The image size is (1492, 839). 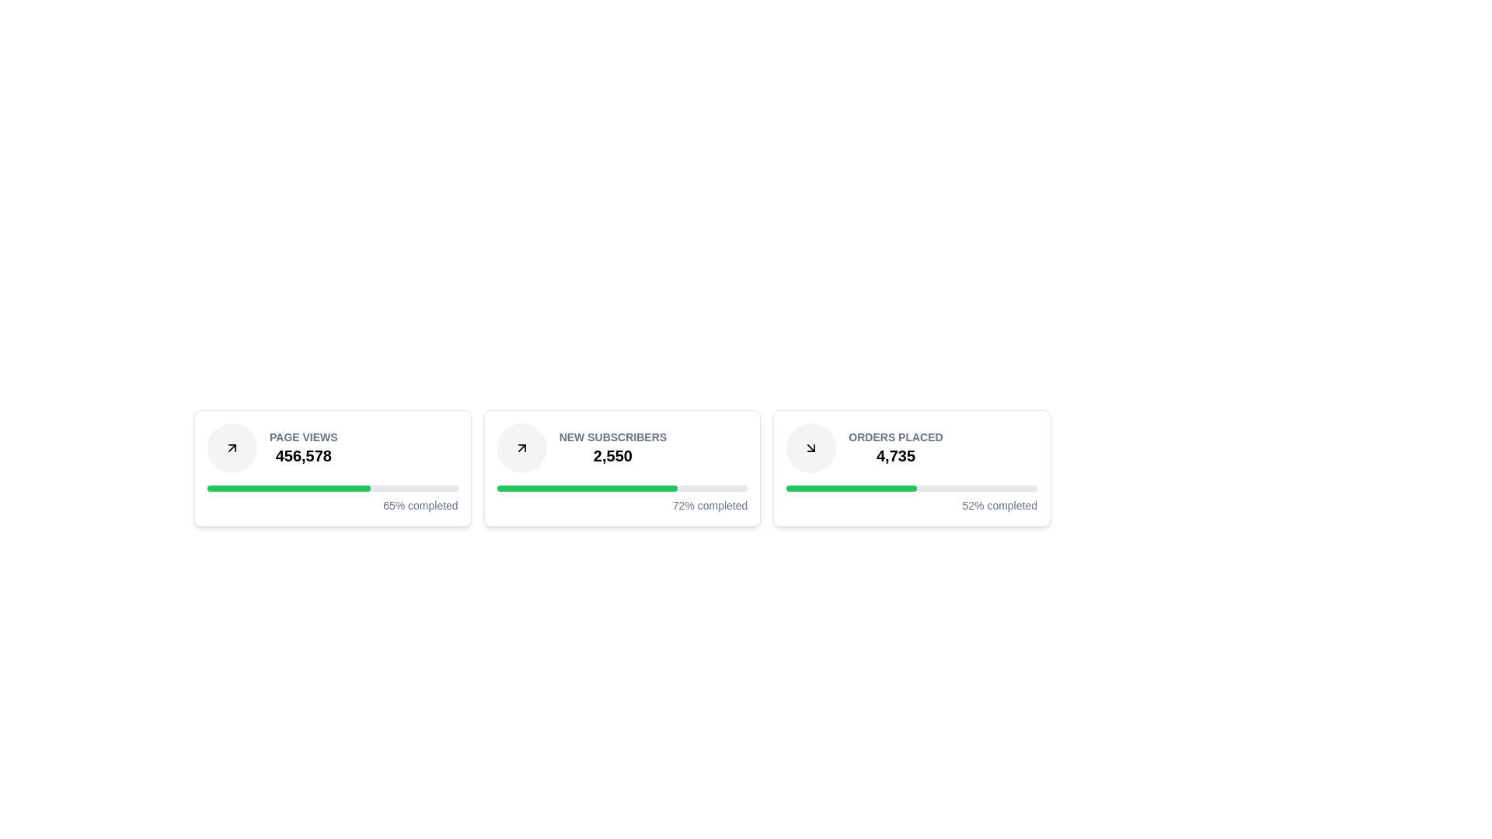 I want to click on the icon located to the left of the text 'Page Views 456,578' to interact with it, so click(x=231, y=448).